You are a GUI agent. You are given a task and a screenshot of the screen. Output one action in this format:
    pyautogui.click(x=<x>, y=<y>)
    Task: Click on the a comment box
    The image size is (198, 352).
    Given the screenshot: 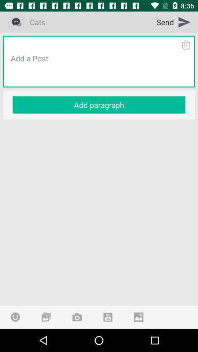 What is the action you would take?
    pyautogui.click(x=99, y=67)
    